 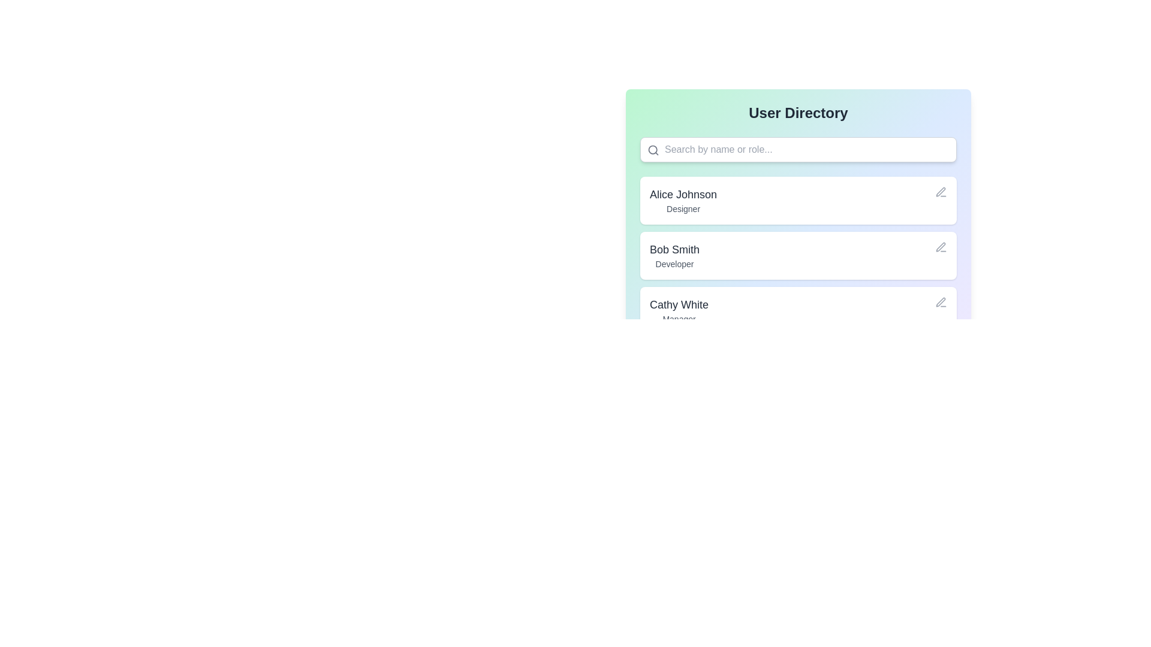 What do you see at coordinates (652, 149) in the screenshot?
I see `the magnifying glass icon located at the top-left corner of the search bar, which symbolizes a search action` at bounding box center [652, 149].